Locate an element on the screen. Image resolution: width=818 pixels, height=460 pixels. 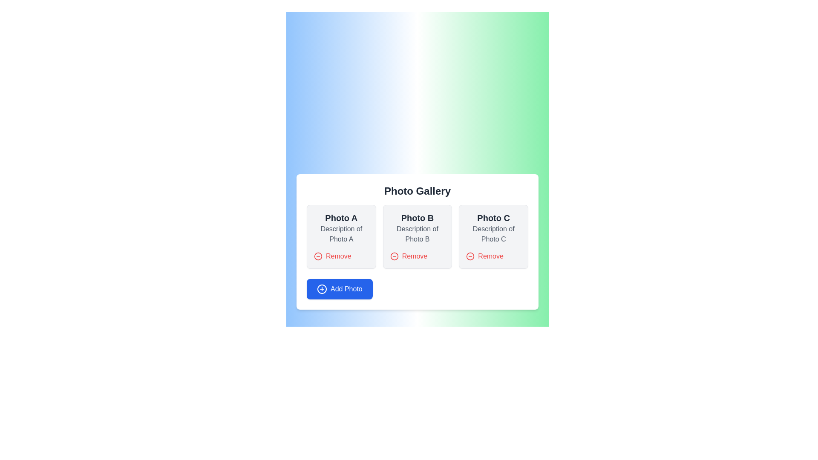
the text label displaying 'Description of Photo C', which is styled in gray with a smaller font size and positioned between 'Photo C' title and 'Remove' button is located at coordinates (493, 234).